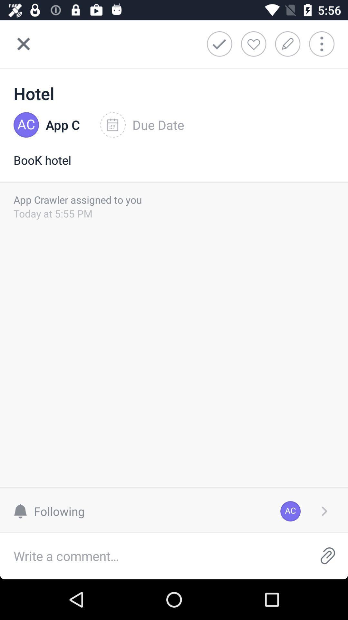 This screenshot has width=348, height=620. What do you see at coordinates (326, 44) in the screenshot?
I see `more options` at bounding box center [326, 44].